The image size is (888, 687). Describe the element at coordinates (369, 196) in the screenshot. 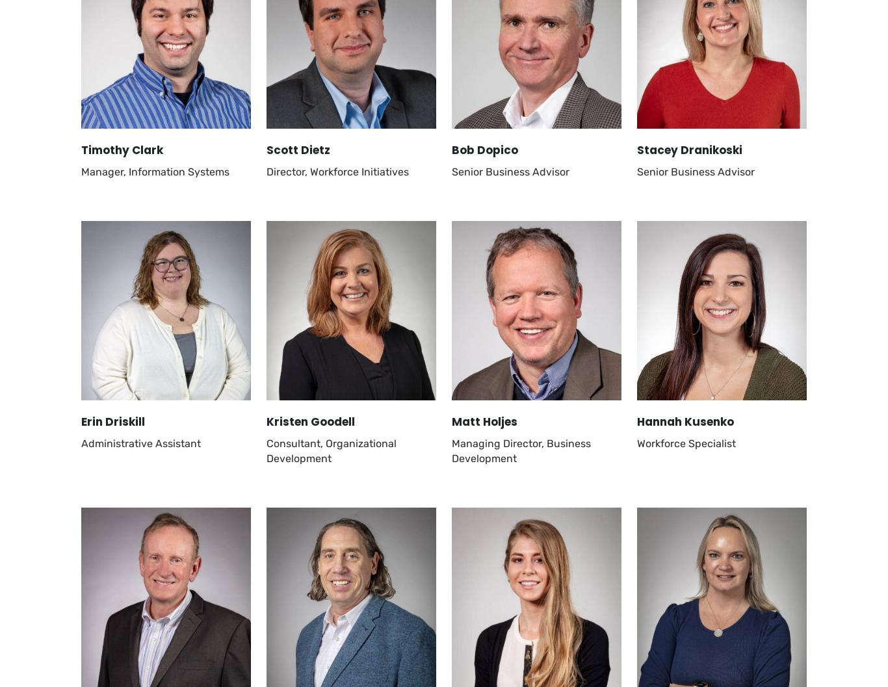

I see `'Services'` at that location.